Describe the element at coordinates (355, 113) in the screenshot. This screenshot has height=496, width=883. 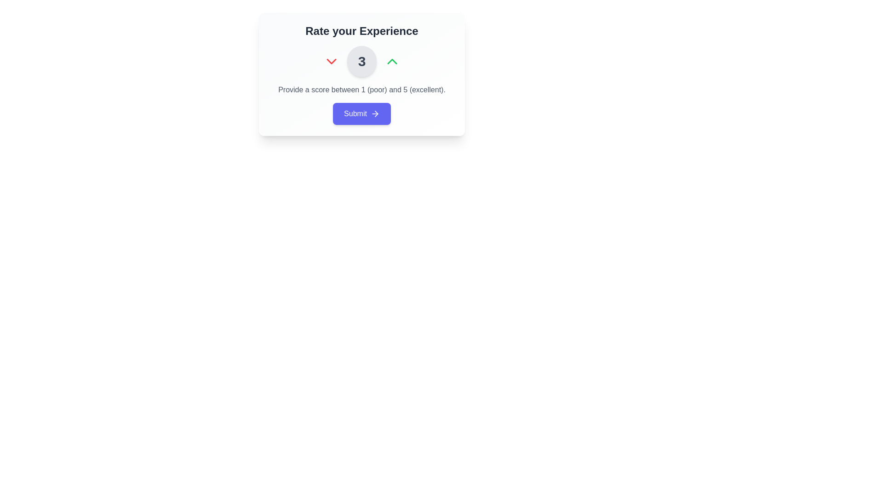
I see `text label 'Submit' which is displayed in white font on a blue button, located below the instruction text` at that location.